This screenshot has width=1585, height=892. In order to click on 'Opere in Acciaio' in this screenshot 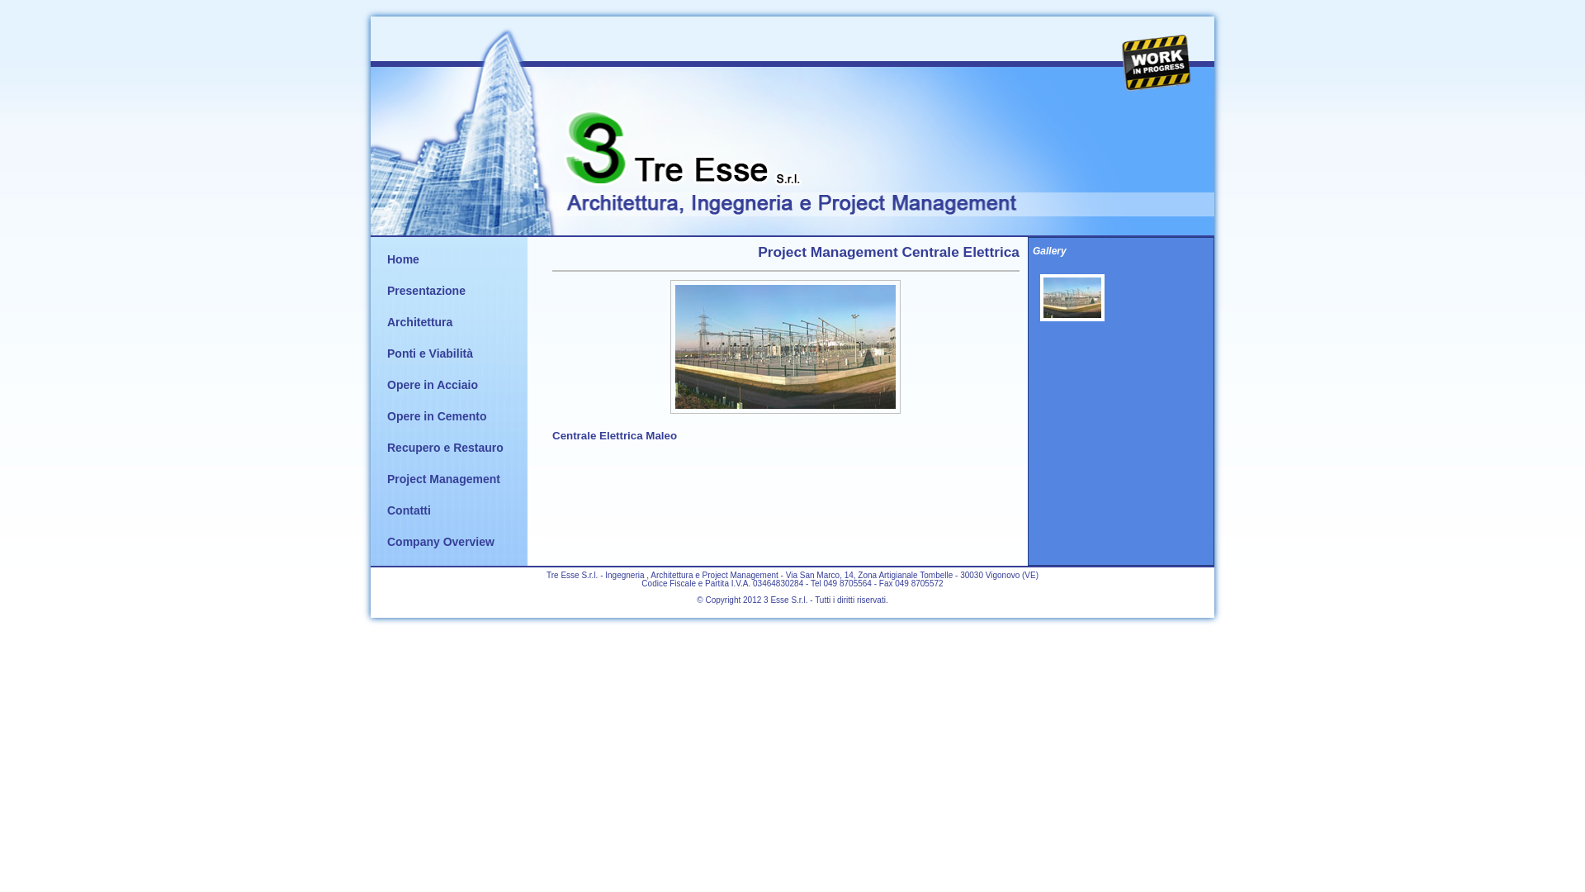, I will do `click(386, 385)`.